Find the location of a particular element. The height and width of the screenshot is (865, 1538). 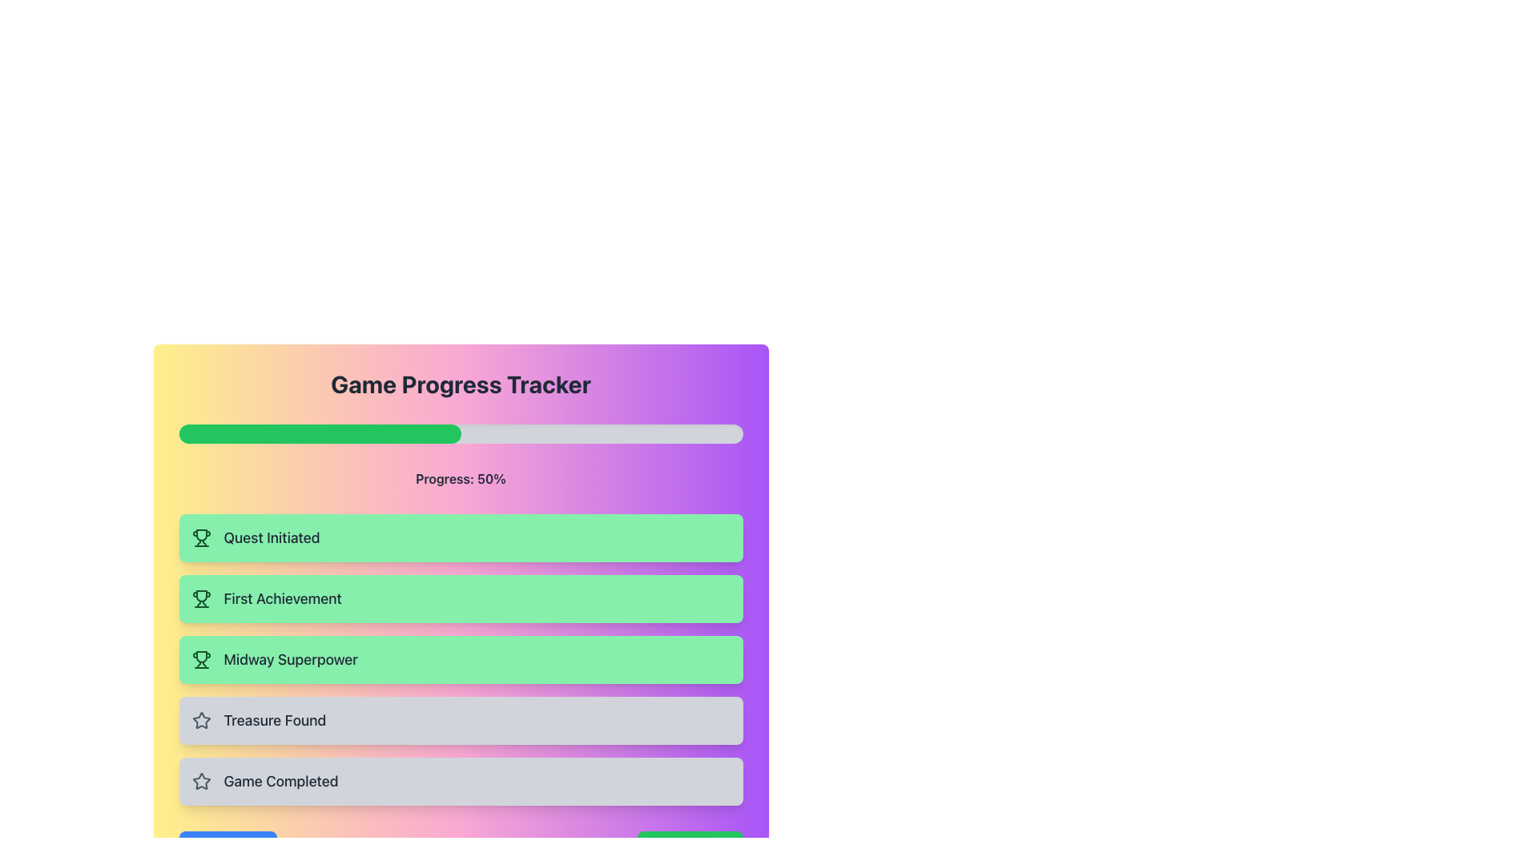

the game progress milestone element displaying 'Quest Initiated' in the Game Progress Tracker section by moving the cursor to its center point is located at coordinates (460, 537).